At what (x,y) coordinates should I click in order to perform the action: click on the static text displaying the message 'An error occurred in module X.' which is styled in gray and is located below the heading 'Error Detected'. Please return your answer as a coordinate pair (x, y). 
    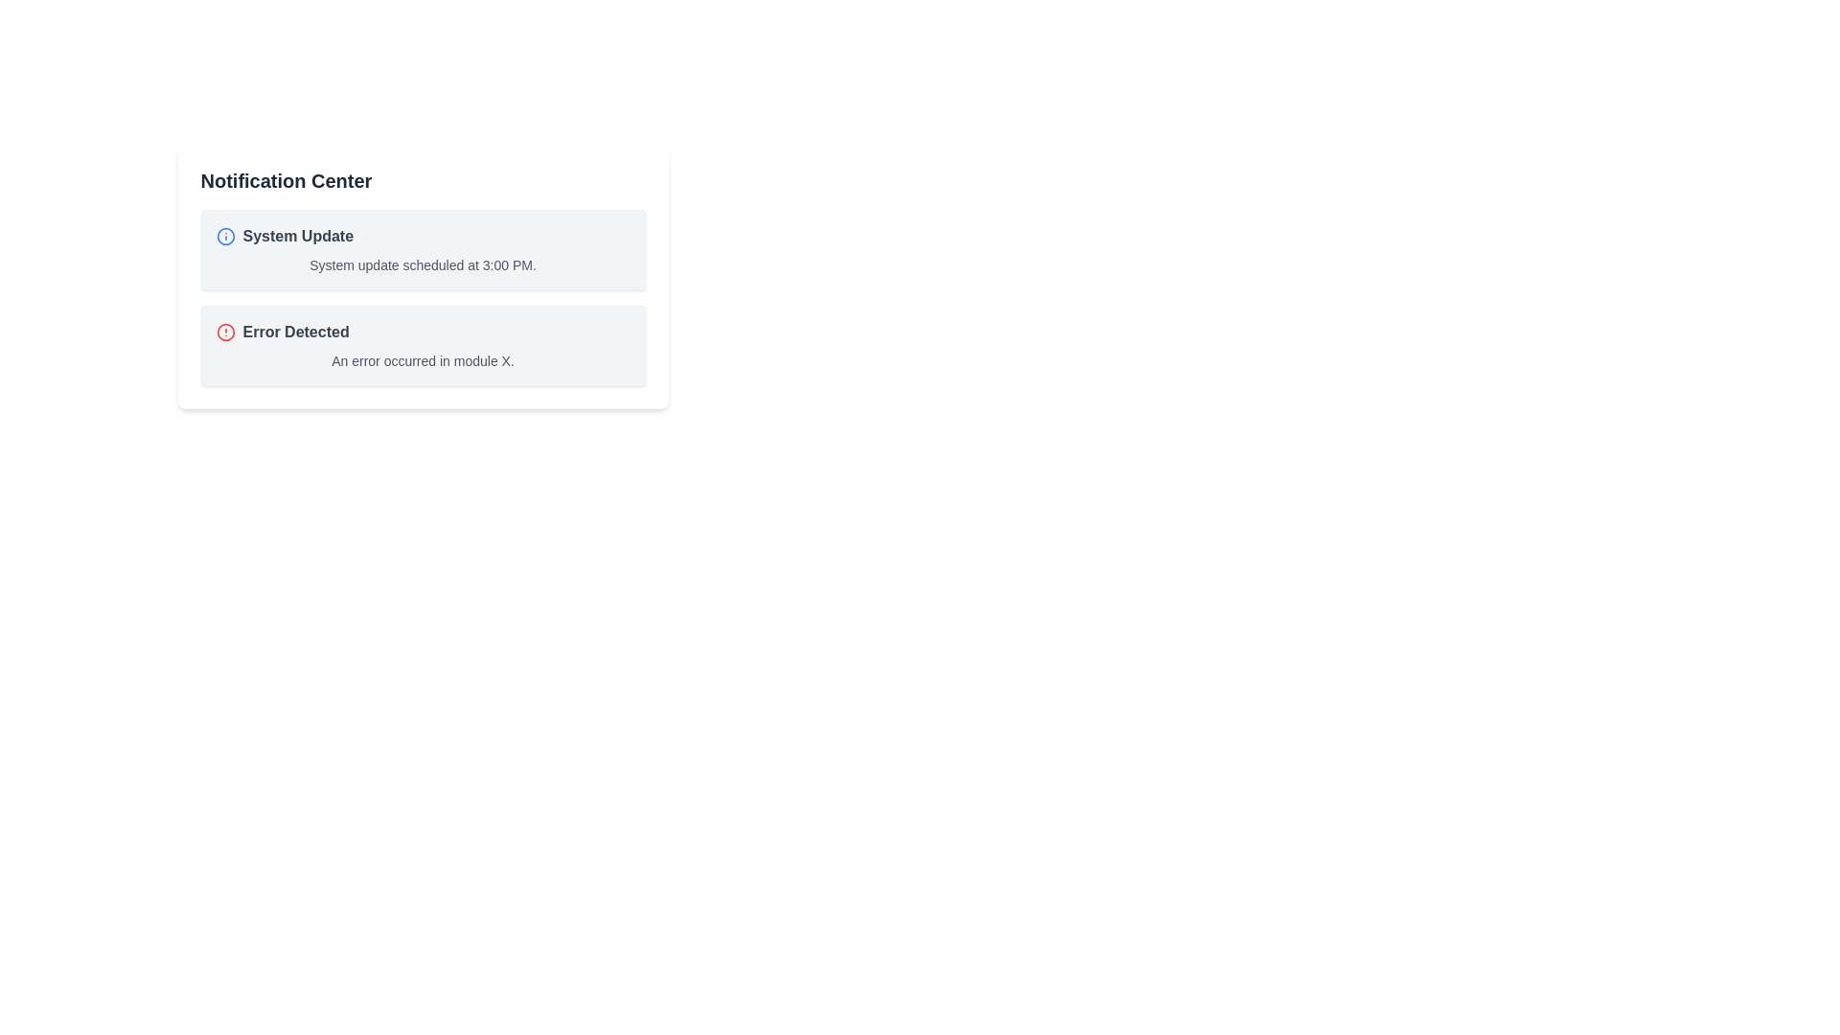
    Looking at the image, I should click on (422, 361).